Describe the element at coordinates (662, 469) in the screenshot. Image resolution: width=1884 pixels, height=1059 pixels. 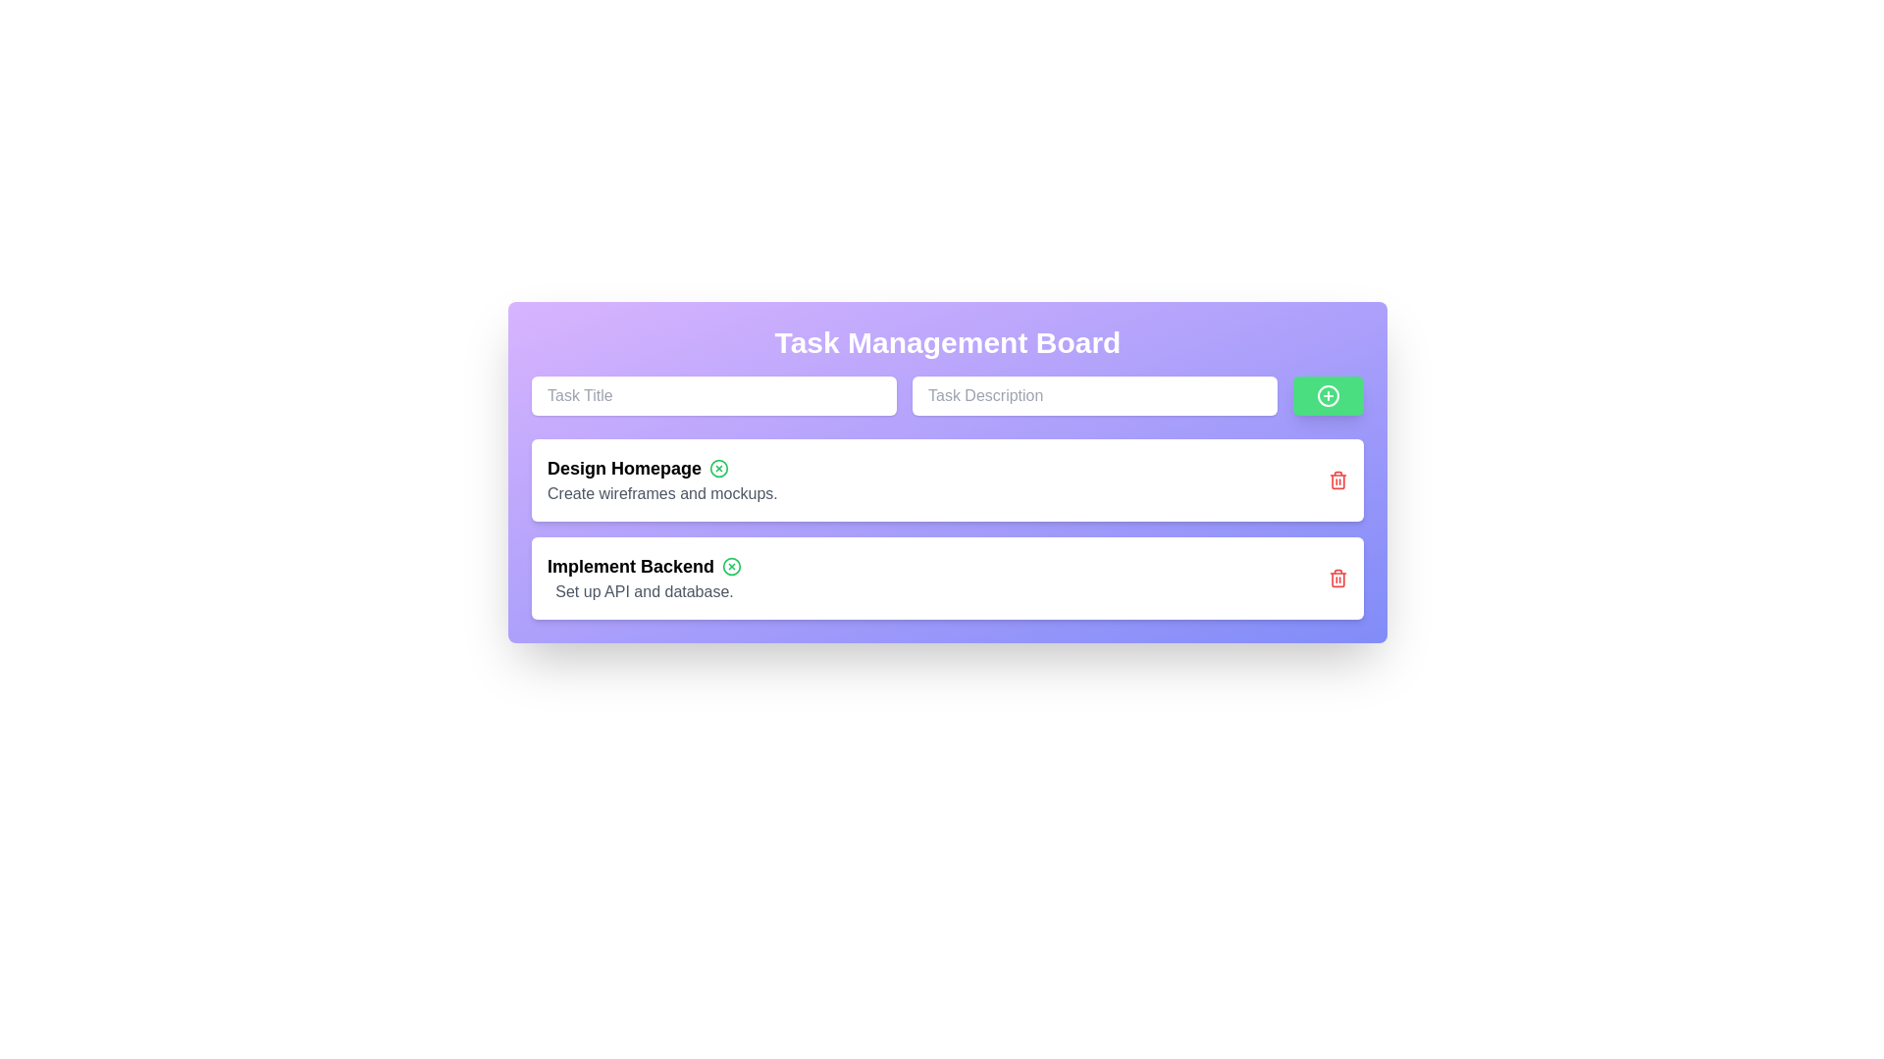
I see `the bold and large text label reading 'Design Homepage', which is adjacent to a green circular icon with a white checkmark, located in the upper task card of the vertically stacked list of task items` at that location.